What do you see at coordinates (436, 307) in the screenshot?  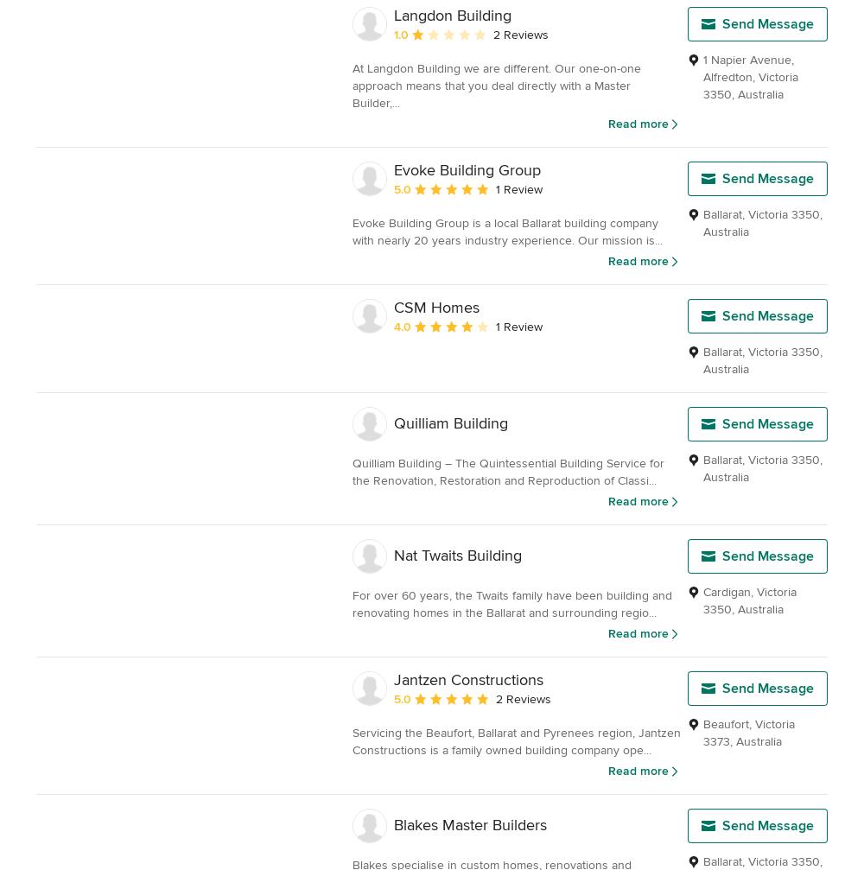 I see `'CSM Homes'` at bounding box center [436, 307].